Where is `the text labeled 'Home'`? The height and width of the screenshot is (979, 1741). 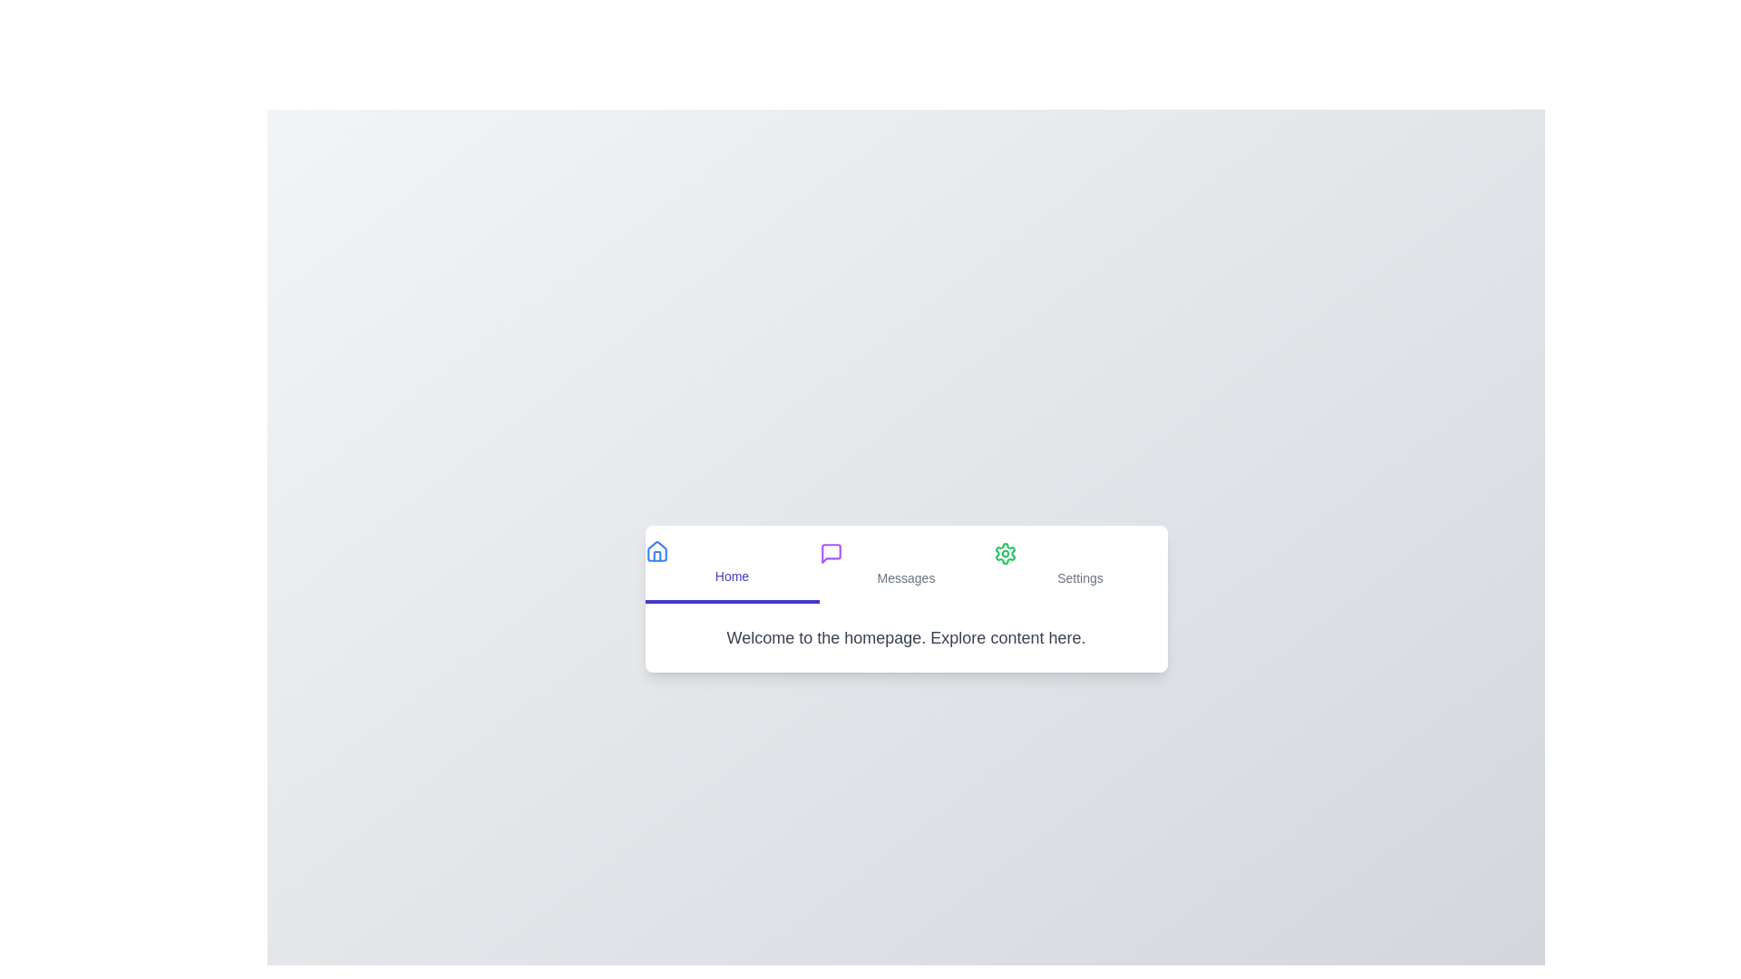
the text labeled 'Home' is located at coordinates (732, 564).